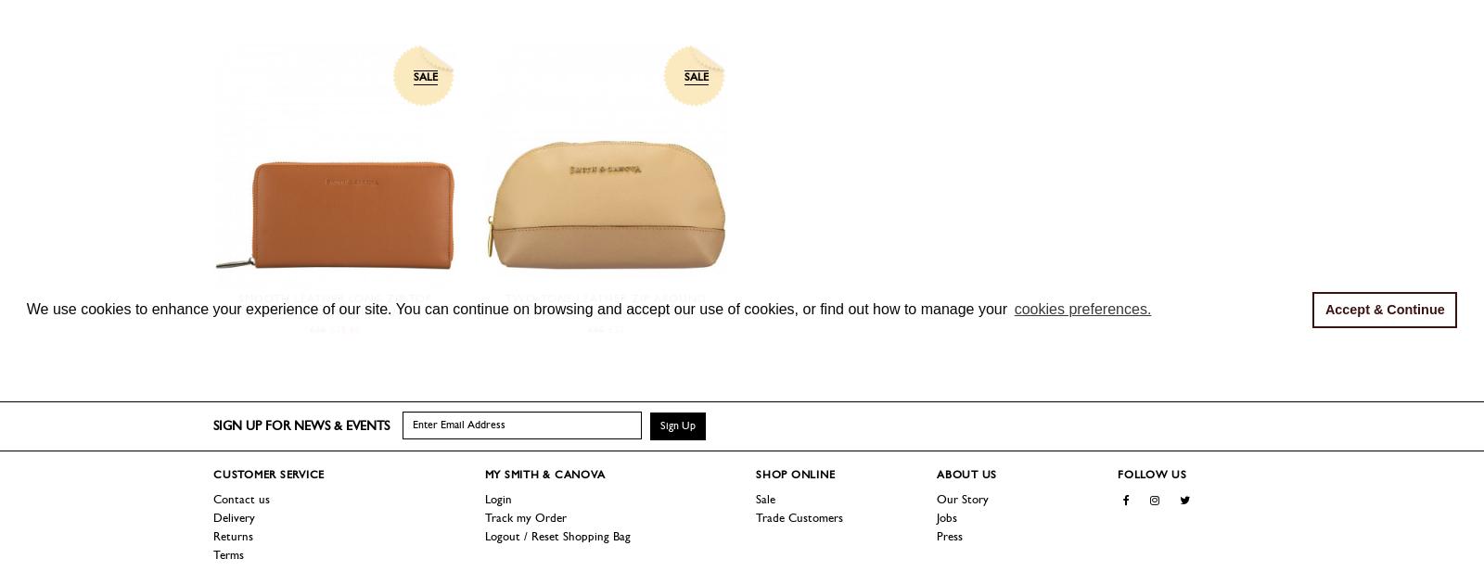 This screenshot has height=584, width=1484. Describe the element at coordinates (344, 329) in the screenshot. I see `'£28.80'` at that location.